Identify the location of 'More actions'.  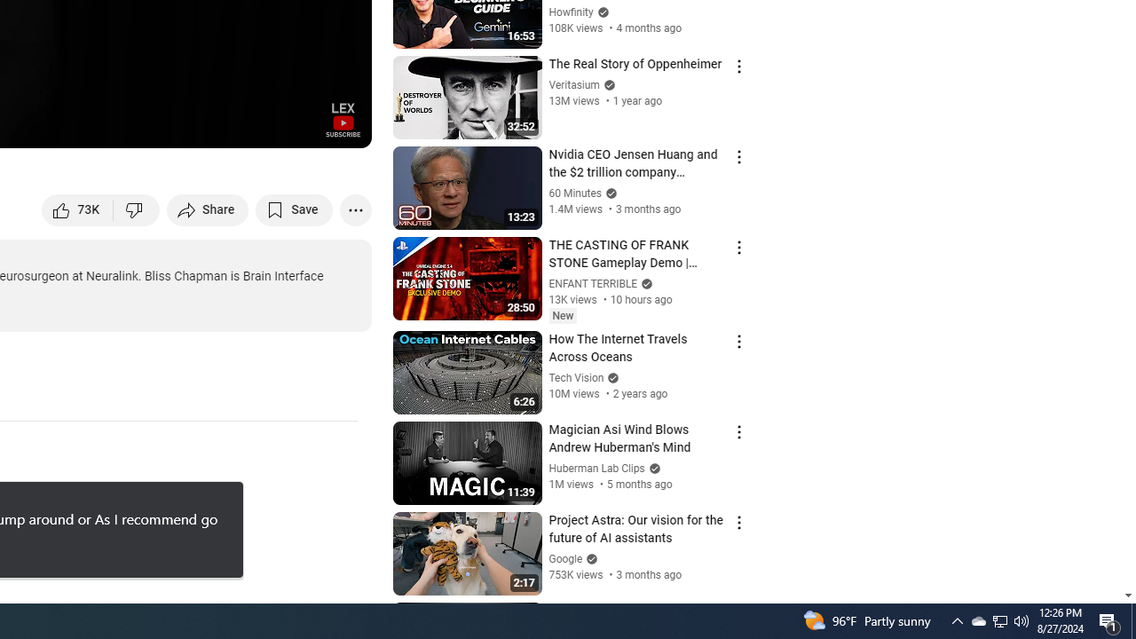
(355, 209).